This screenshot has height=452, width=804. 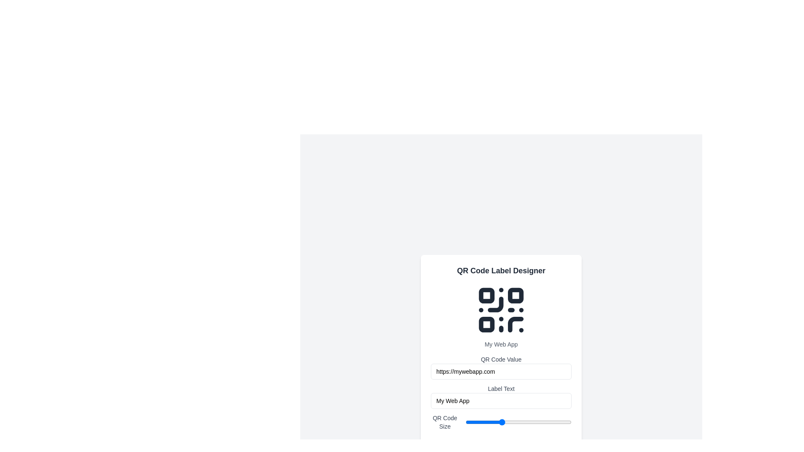 What do you see at coordinates (475, 422) in the screenshot?
I see `the QR code size` at bounding box center [475, 422].